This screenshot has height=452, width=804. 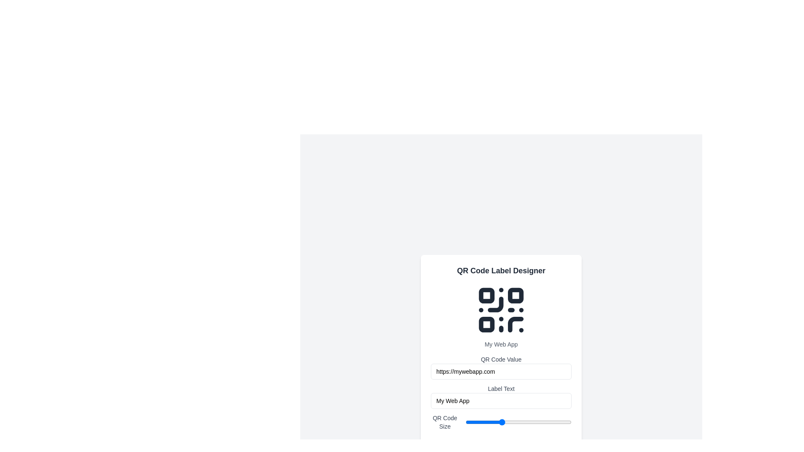 What do you see at coordinates (475, 422) in the screenshot?
I see `the QR code size` at bounding box center [475, 422].